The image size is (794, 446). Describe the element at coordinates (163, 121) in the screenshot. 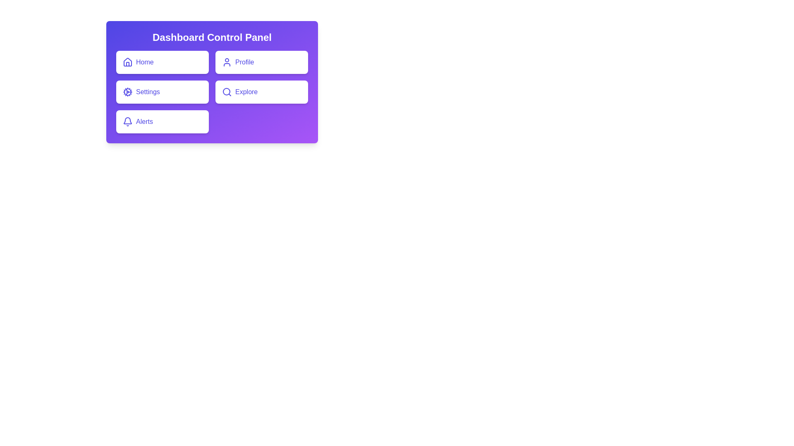

I see `the button located at the bottom left of the grid, which is related to alerts or notifications` at that location.